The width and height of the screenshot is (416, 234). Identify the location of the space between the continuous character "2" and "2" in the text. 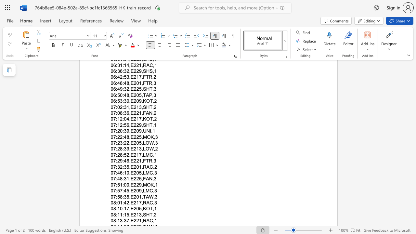
(136, 220).